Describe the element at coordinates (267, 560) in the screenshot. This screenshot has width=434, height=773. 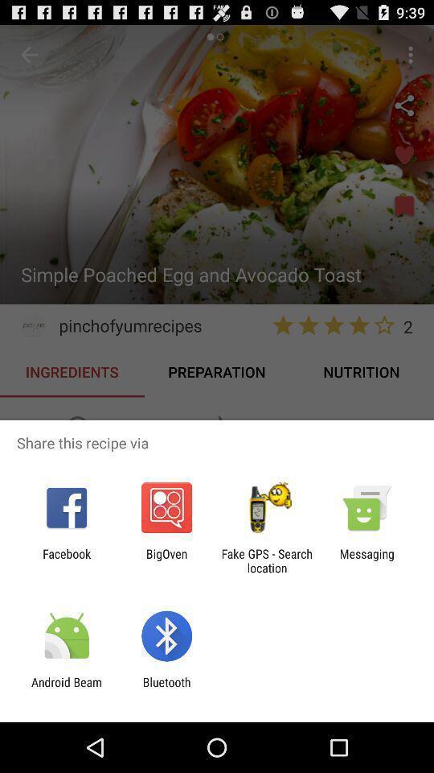
I see `the app next to messaging item` at that location.